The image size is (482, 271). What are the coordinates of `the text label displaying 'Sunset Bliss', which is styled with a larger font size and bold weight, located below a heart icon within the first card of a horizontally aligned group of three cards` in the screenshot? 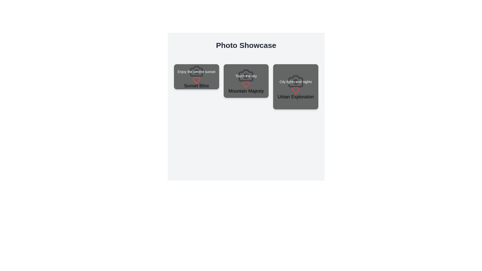 It's located at (196, 86).